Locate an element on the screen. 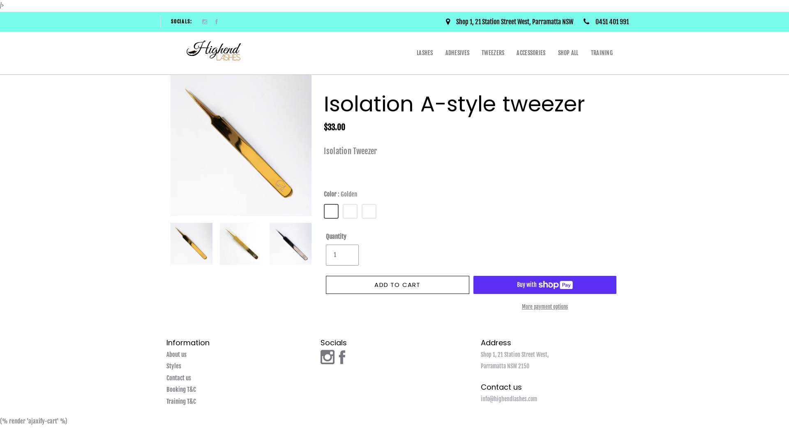 The width and height of the screenshot is (789, 444). 'LASHES' is located at coordinates (424, 53).